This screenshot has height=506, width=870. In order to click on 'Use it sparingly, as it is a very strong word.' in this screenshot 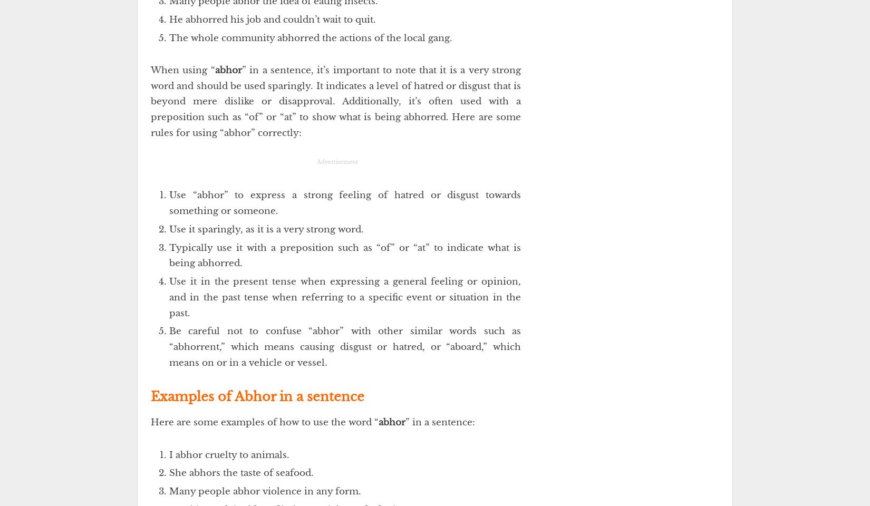, I will do `click(266, 229)`.